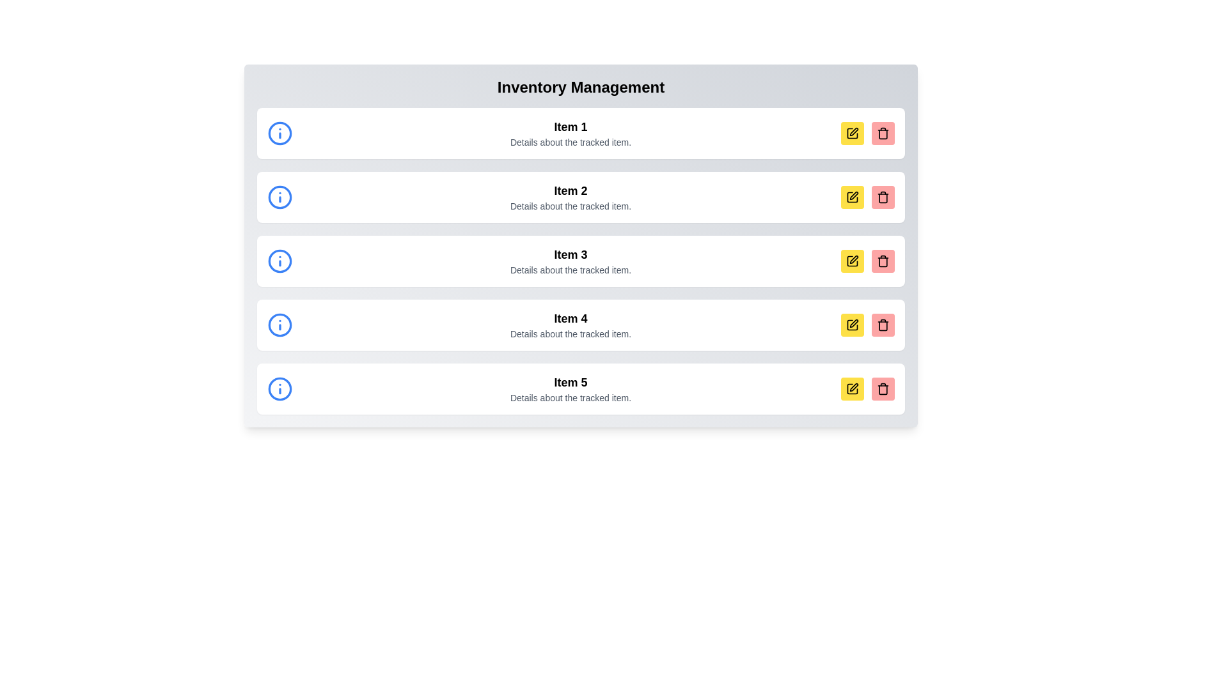 This screenshot has height=690, width=1228. Describe the element at coordinates (853, 197) in the screenshot. I see `the edit button located immediately to the right of 'Item 2' to initiate an edit action` at that location.